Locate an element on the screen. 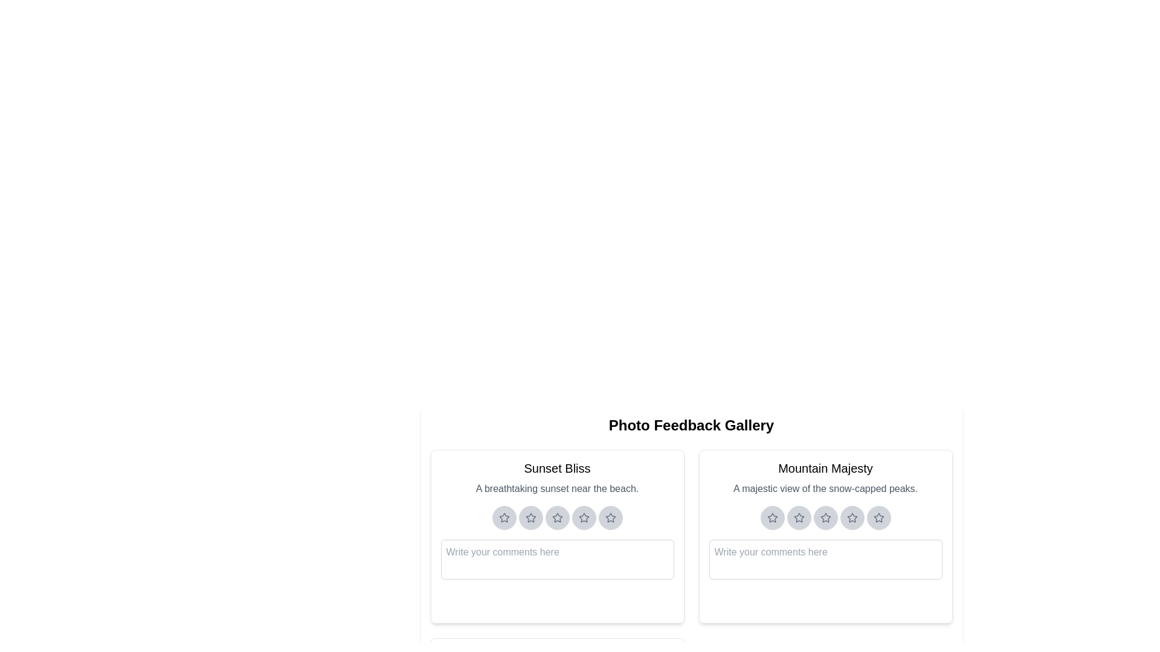  the star icons in the 'Mountain Majesty' feedback card to trigger the tooltip or highlight effect is located at coordinates (825, 535).